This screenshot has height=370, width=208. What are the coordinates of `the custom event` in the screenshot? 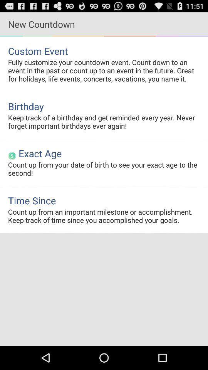 It's located at (104, 50).